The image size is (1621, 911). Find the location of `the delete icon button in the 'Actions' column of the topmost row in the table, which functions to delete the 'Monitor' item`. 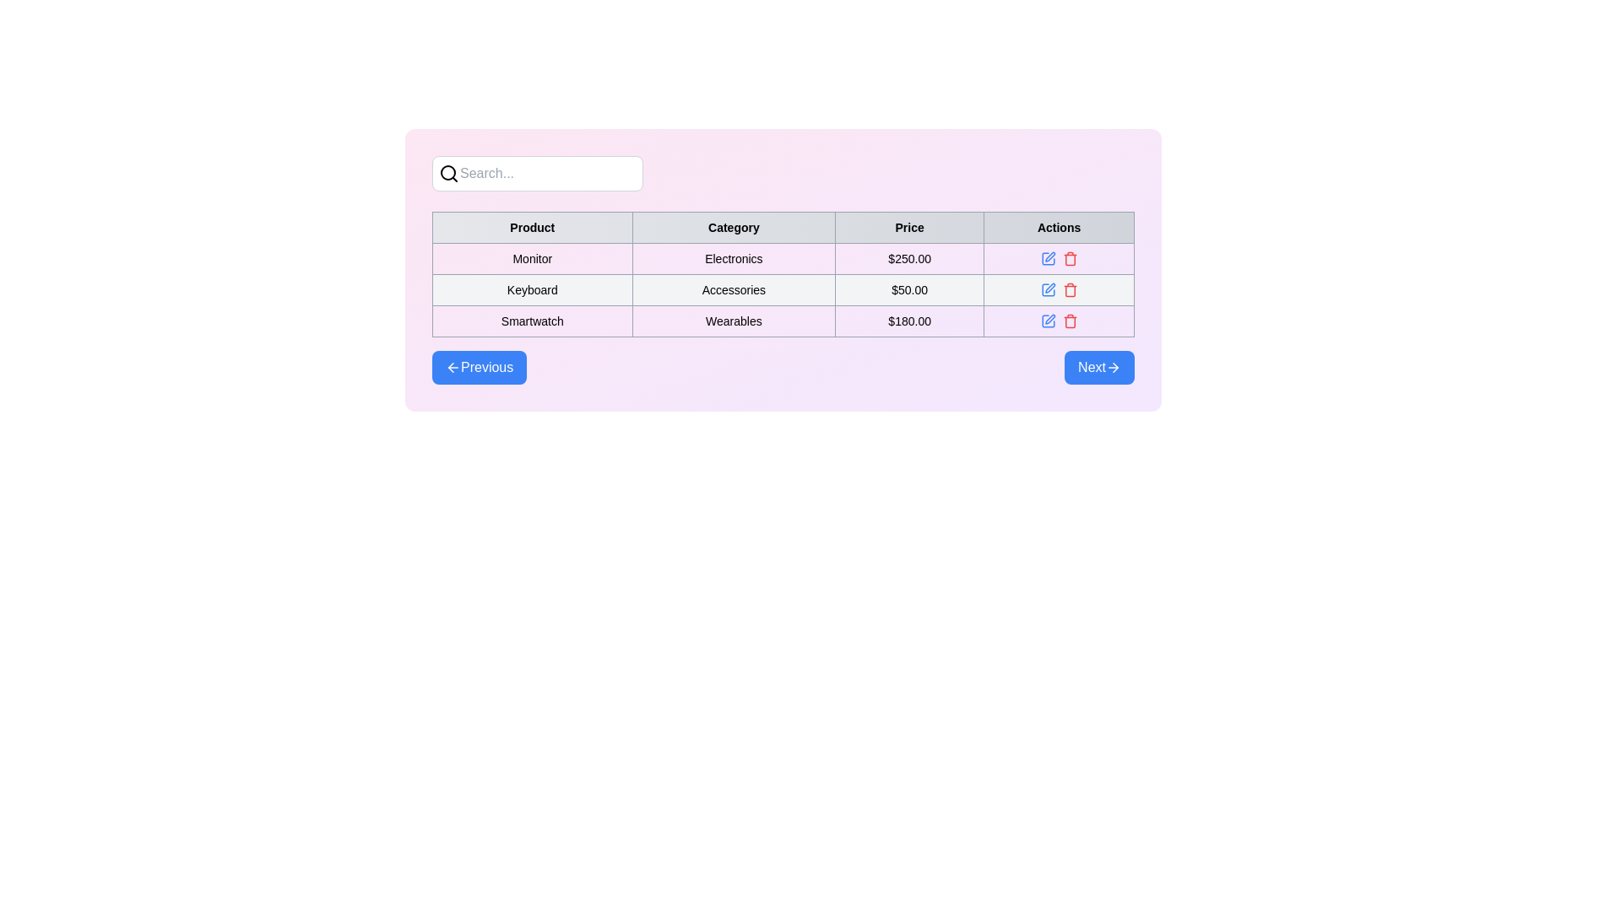

the delete icon button in the 'Actions' column of the topmost row in the table, which functions to delete the 'Monitor' item is located at coordinates (1069, 259).